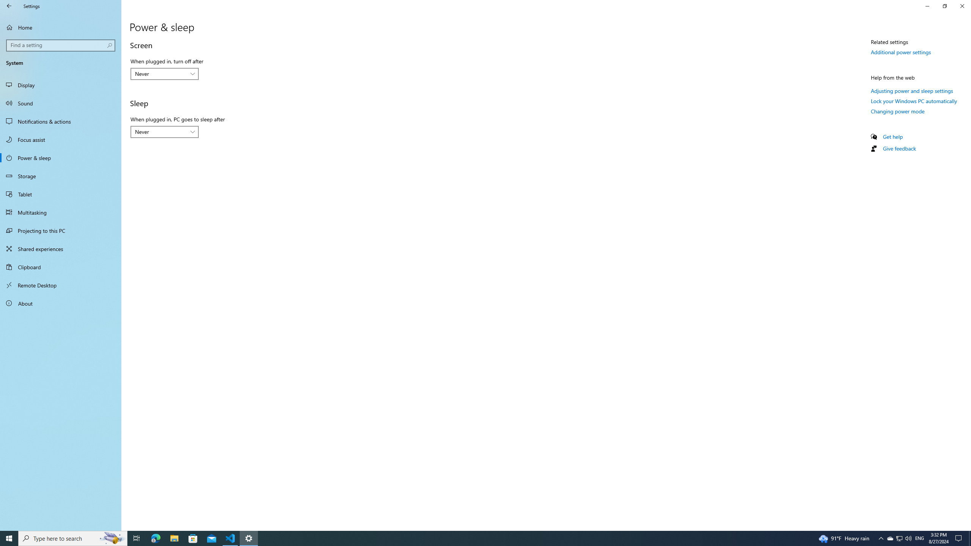 Image resolution: width=971 pixels, height=546 pixels. What do you see at coordinates (897, 111) in the screenshot?
I see `'Changing power mode'` at bounding box center [897, 111].